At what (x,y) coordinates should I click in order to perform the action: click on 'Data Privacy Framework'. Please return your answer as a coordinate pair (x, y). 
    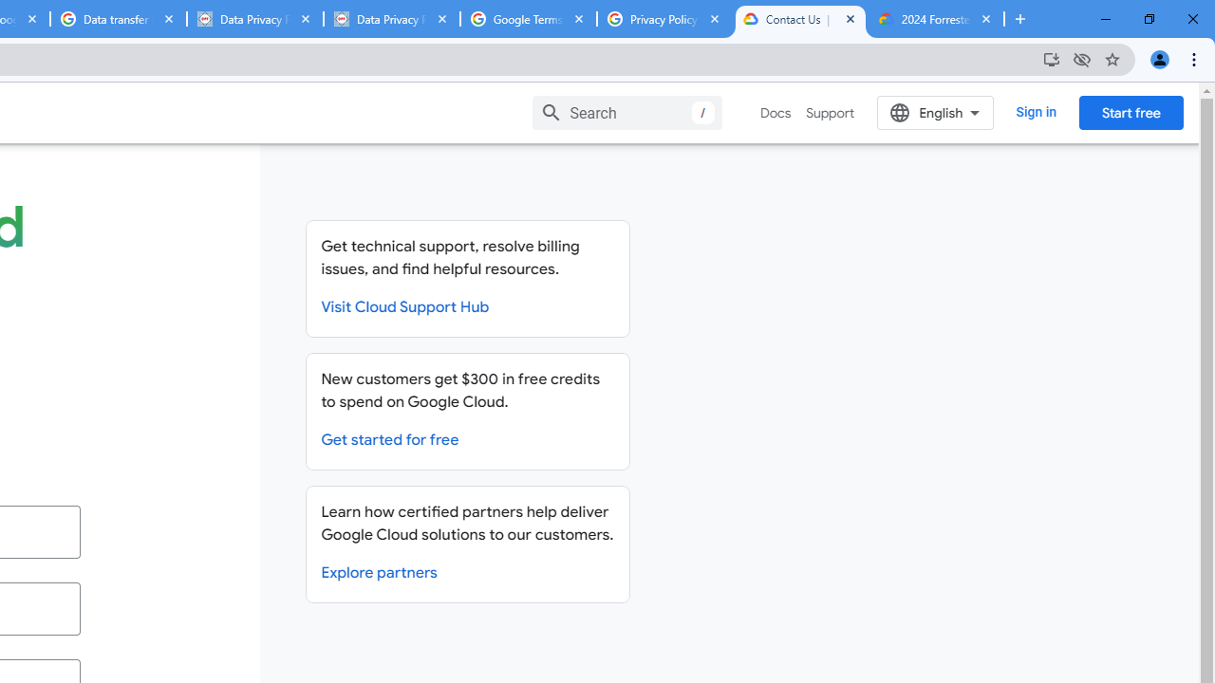
    Looking at the image, I should click on (390, 19).